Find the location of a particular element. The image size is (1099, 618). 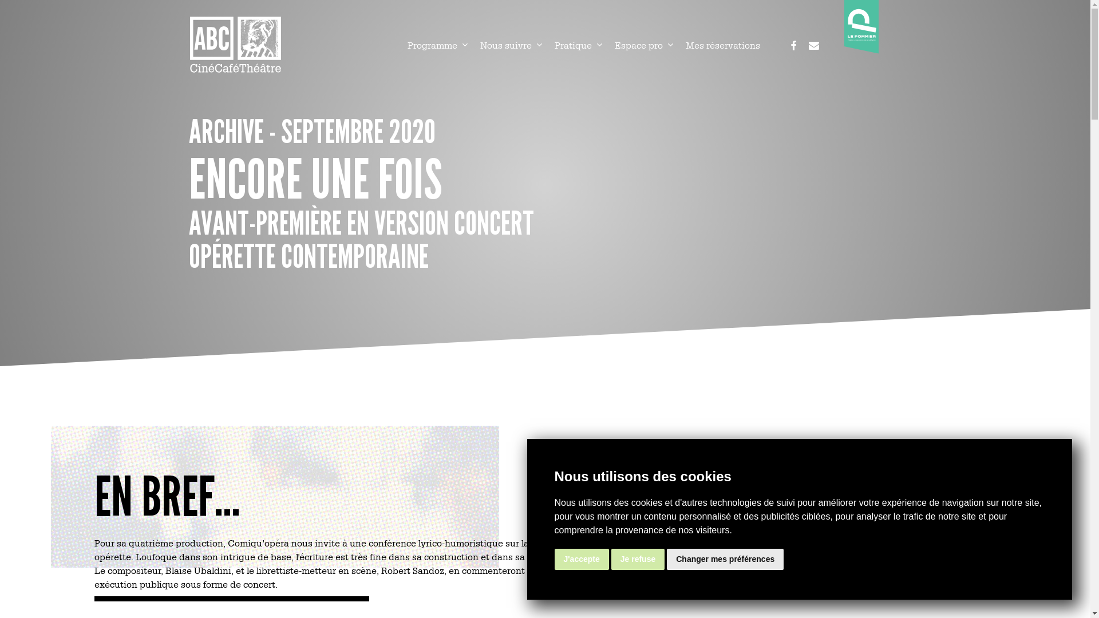

'Je refuse' is located at coordinates (637, 558).